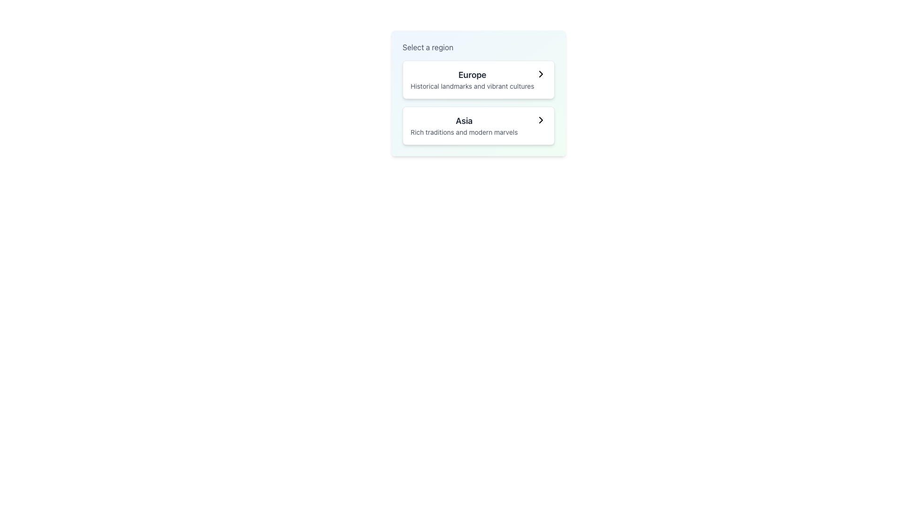 This screenshot has width=901, height=507. What do you see at coordinates (464, 132) in the screenshot?
I see `the text element displaying 'Rich traditions and modern marvels', which is located beneath the heading 'Asia' in a light-gray font` at bounding box center [464, 132].